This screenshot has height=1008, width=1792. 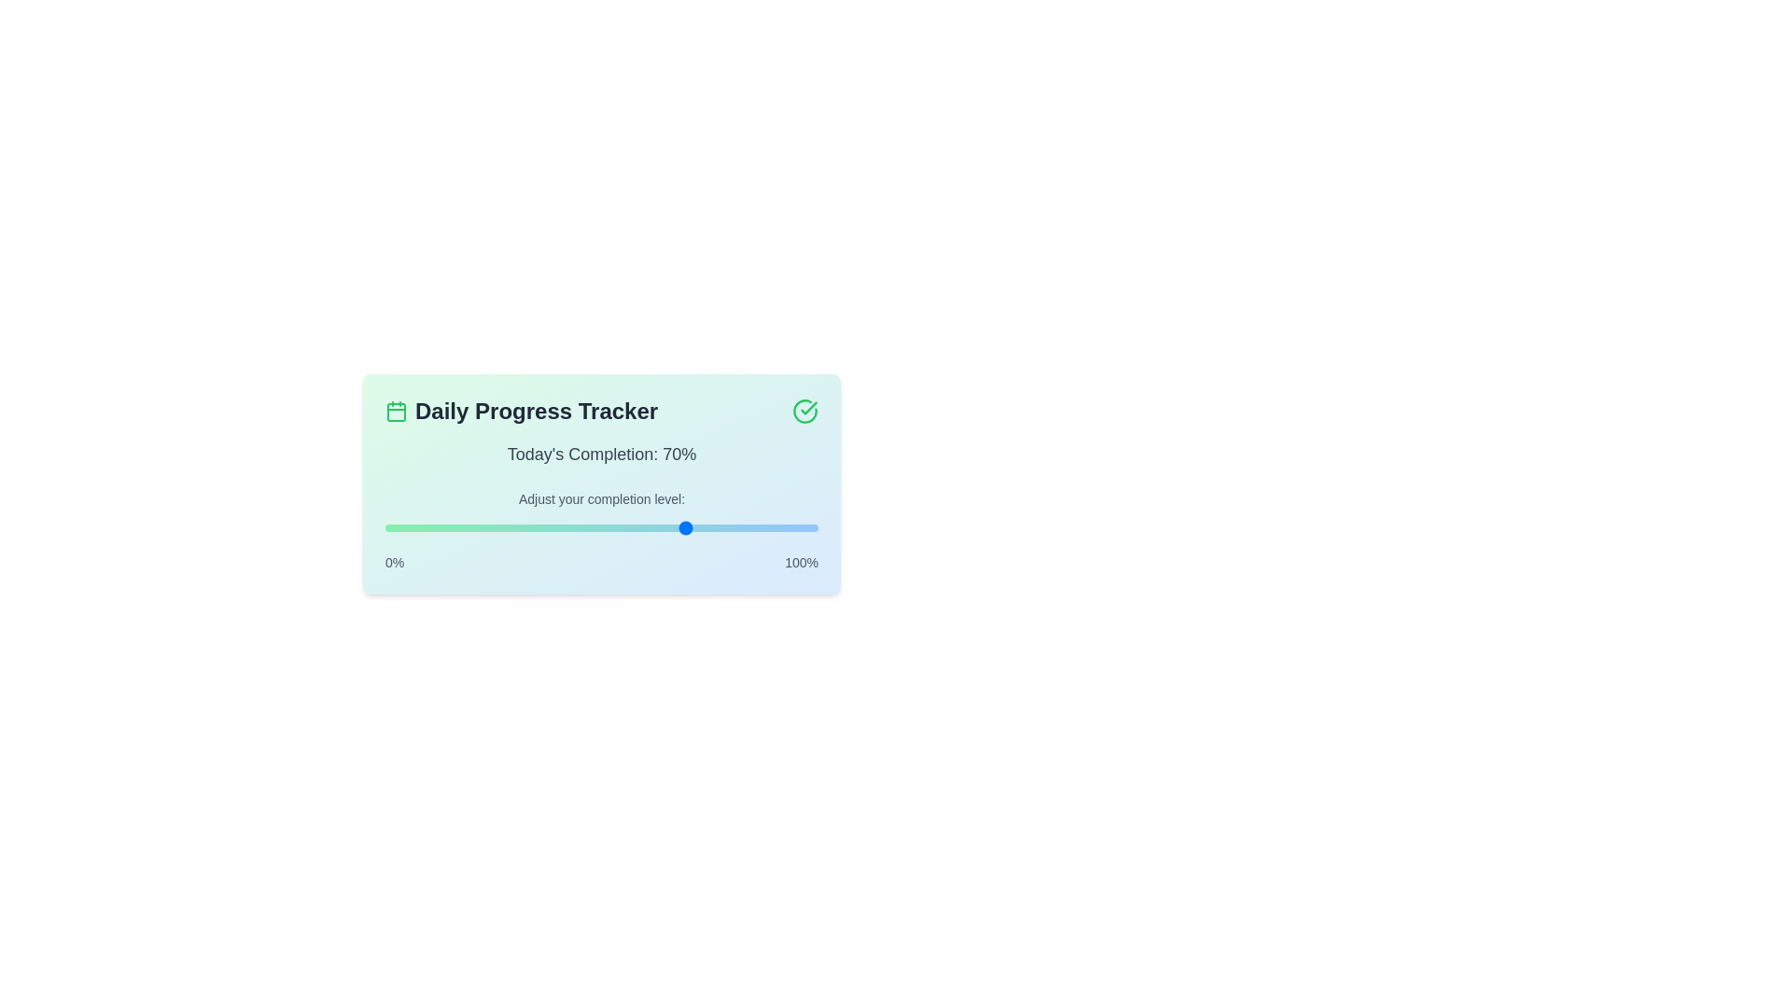 I want to click on the progress level to 11%, so click(x=432, y=528).